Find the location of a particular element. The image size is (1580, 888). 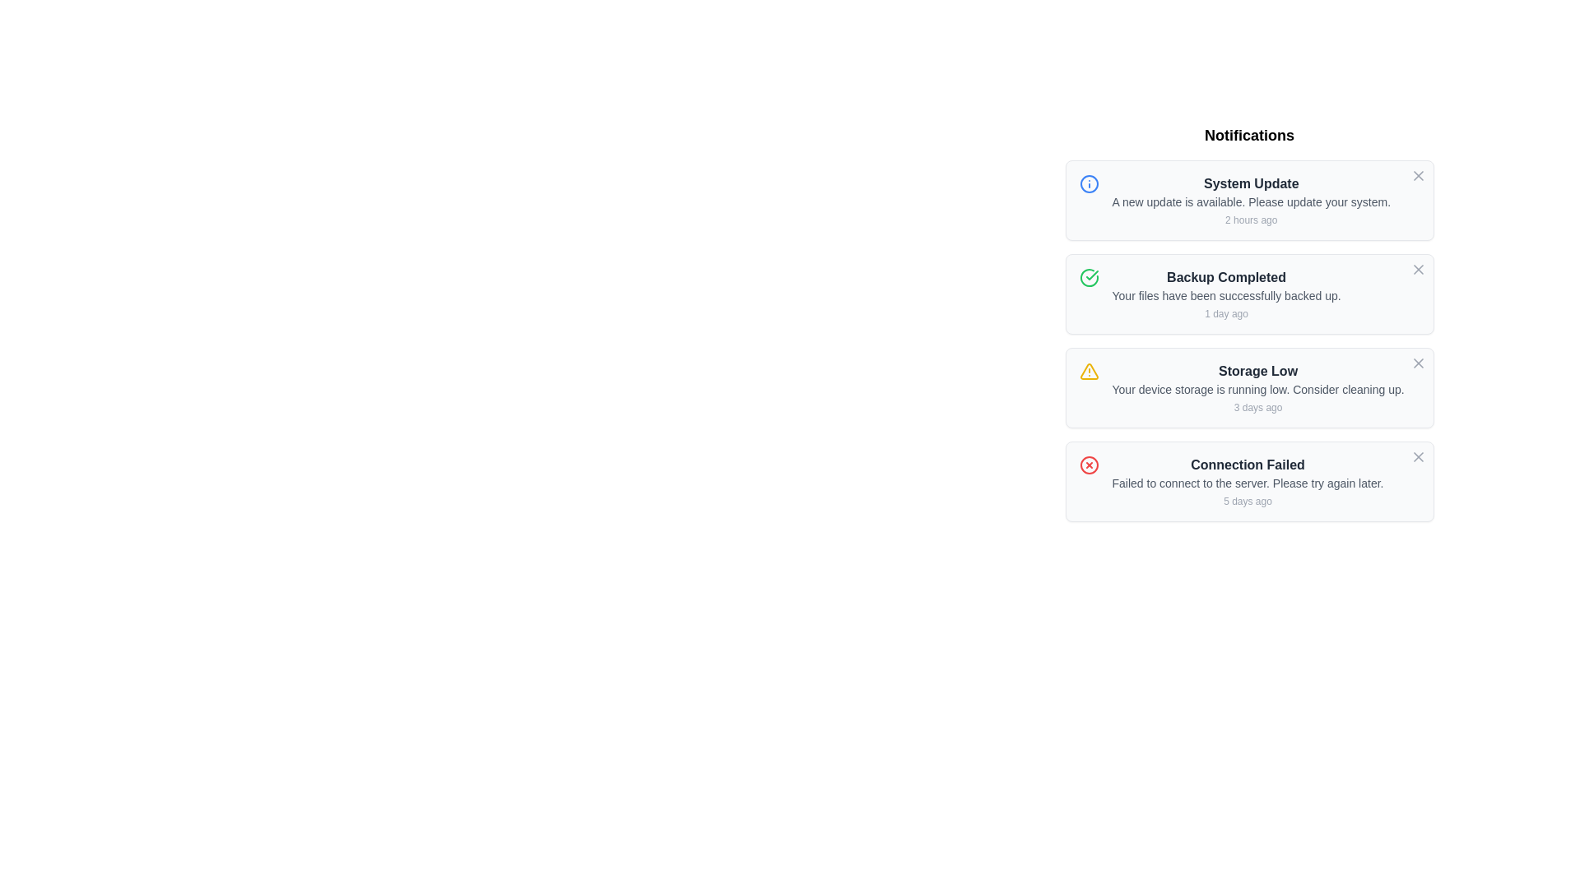

the static text that reads 'A new update is available. Please update your system.' located in the notifications panel below the heading 'System Update' and above the timestamp '2 hours ago.' is located at coordinates (1251, 201).